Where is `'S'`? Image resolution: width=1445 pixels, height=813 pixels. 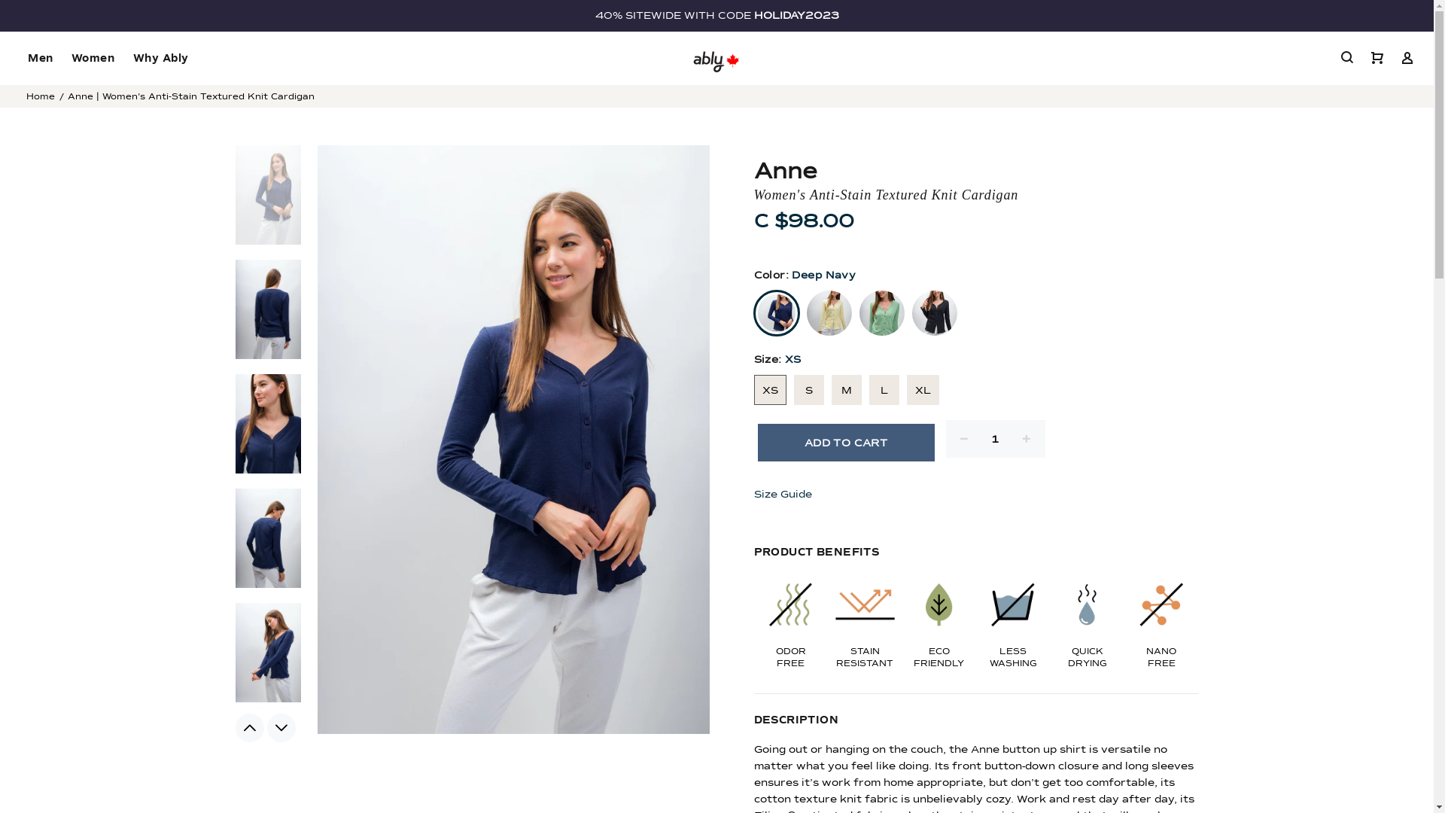
'S' is located at coordinates (808, 388).